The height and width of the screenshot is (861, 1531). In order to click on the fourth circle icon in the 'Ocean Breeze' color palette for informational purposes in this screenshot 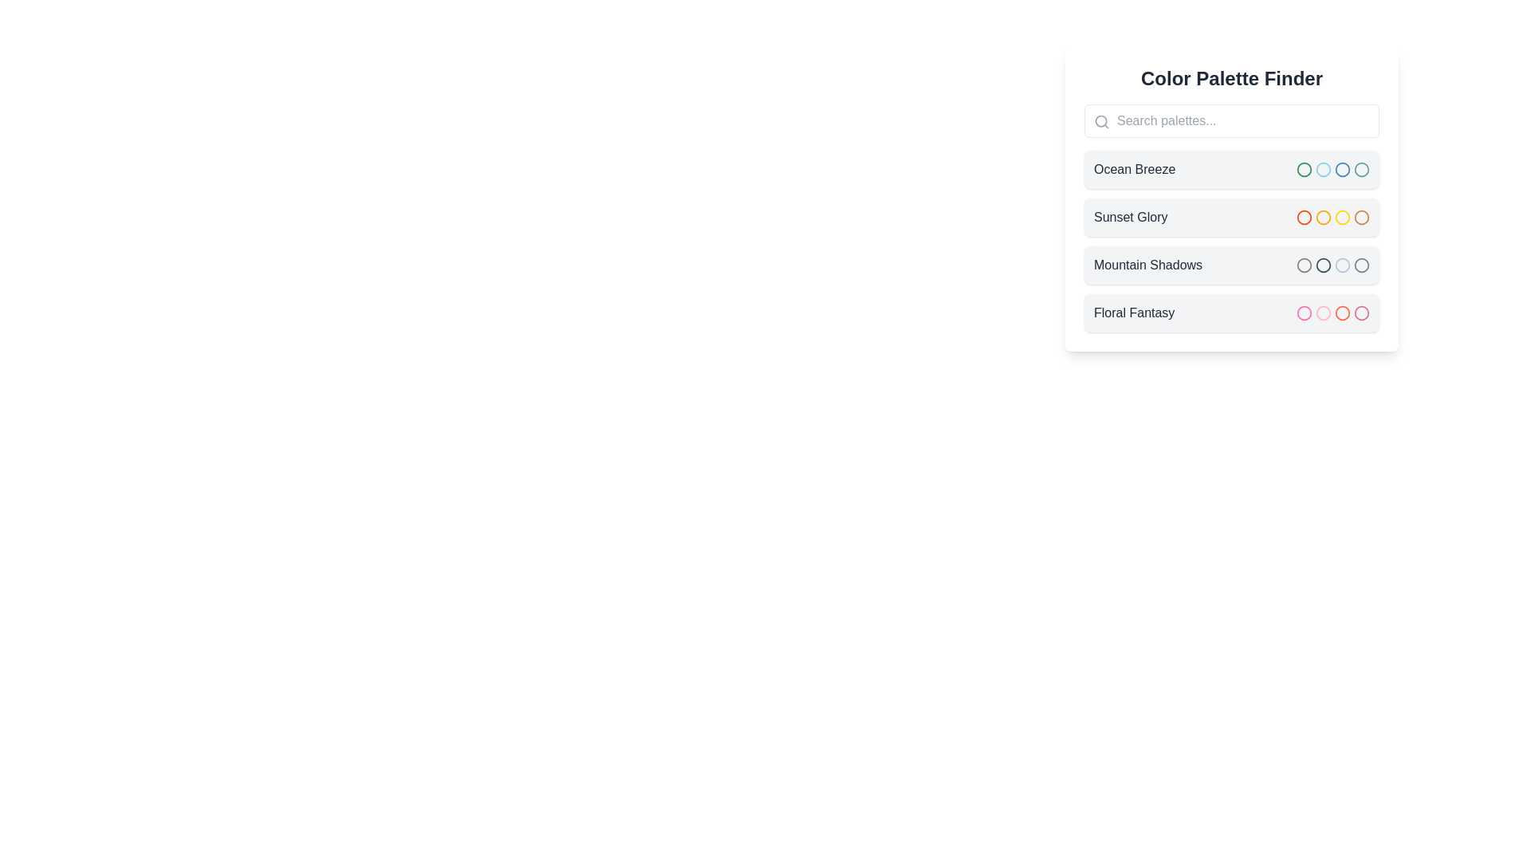, I will do `click(1342, 169)`.